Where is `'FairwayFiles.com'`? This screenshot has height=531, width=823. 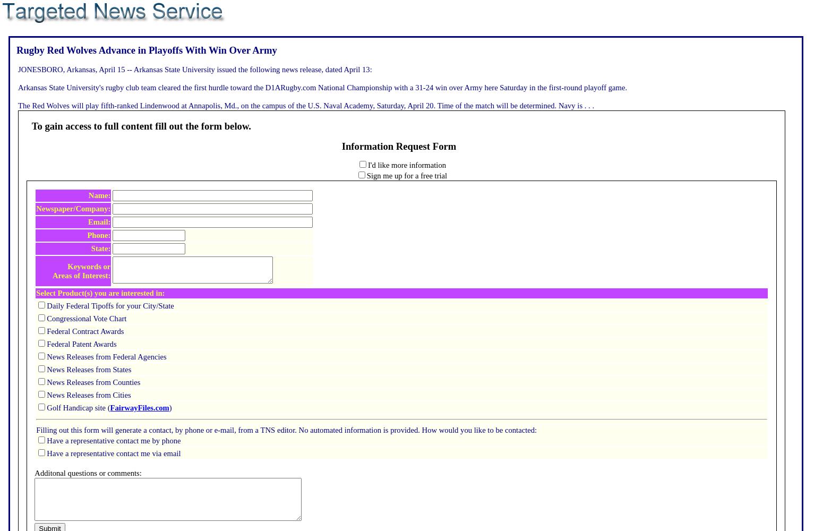
'FairwayFiles.com' is located at coordinates (139, 408).